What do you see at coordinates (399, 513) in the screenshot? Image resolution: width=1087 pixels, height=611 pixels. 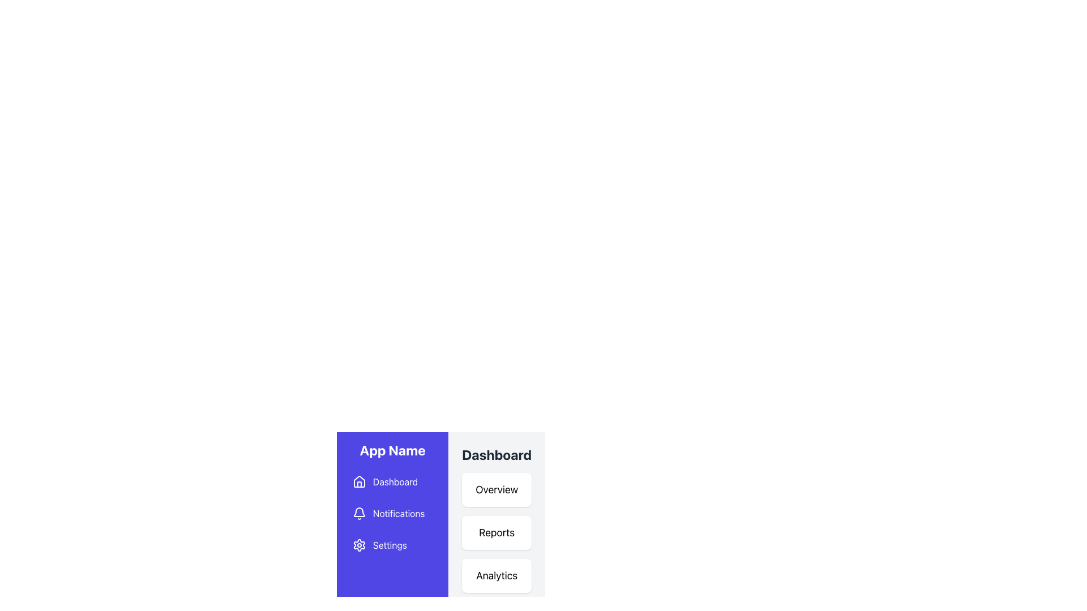 I see `'Notifications' text label located in the second row of the vertical navigation menu under the heading 'App Name', positioned to the right of the bell icon` at bounding box center [399, 513].